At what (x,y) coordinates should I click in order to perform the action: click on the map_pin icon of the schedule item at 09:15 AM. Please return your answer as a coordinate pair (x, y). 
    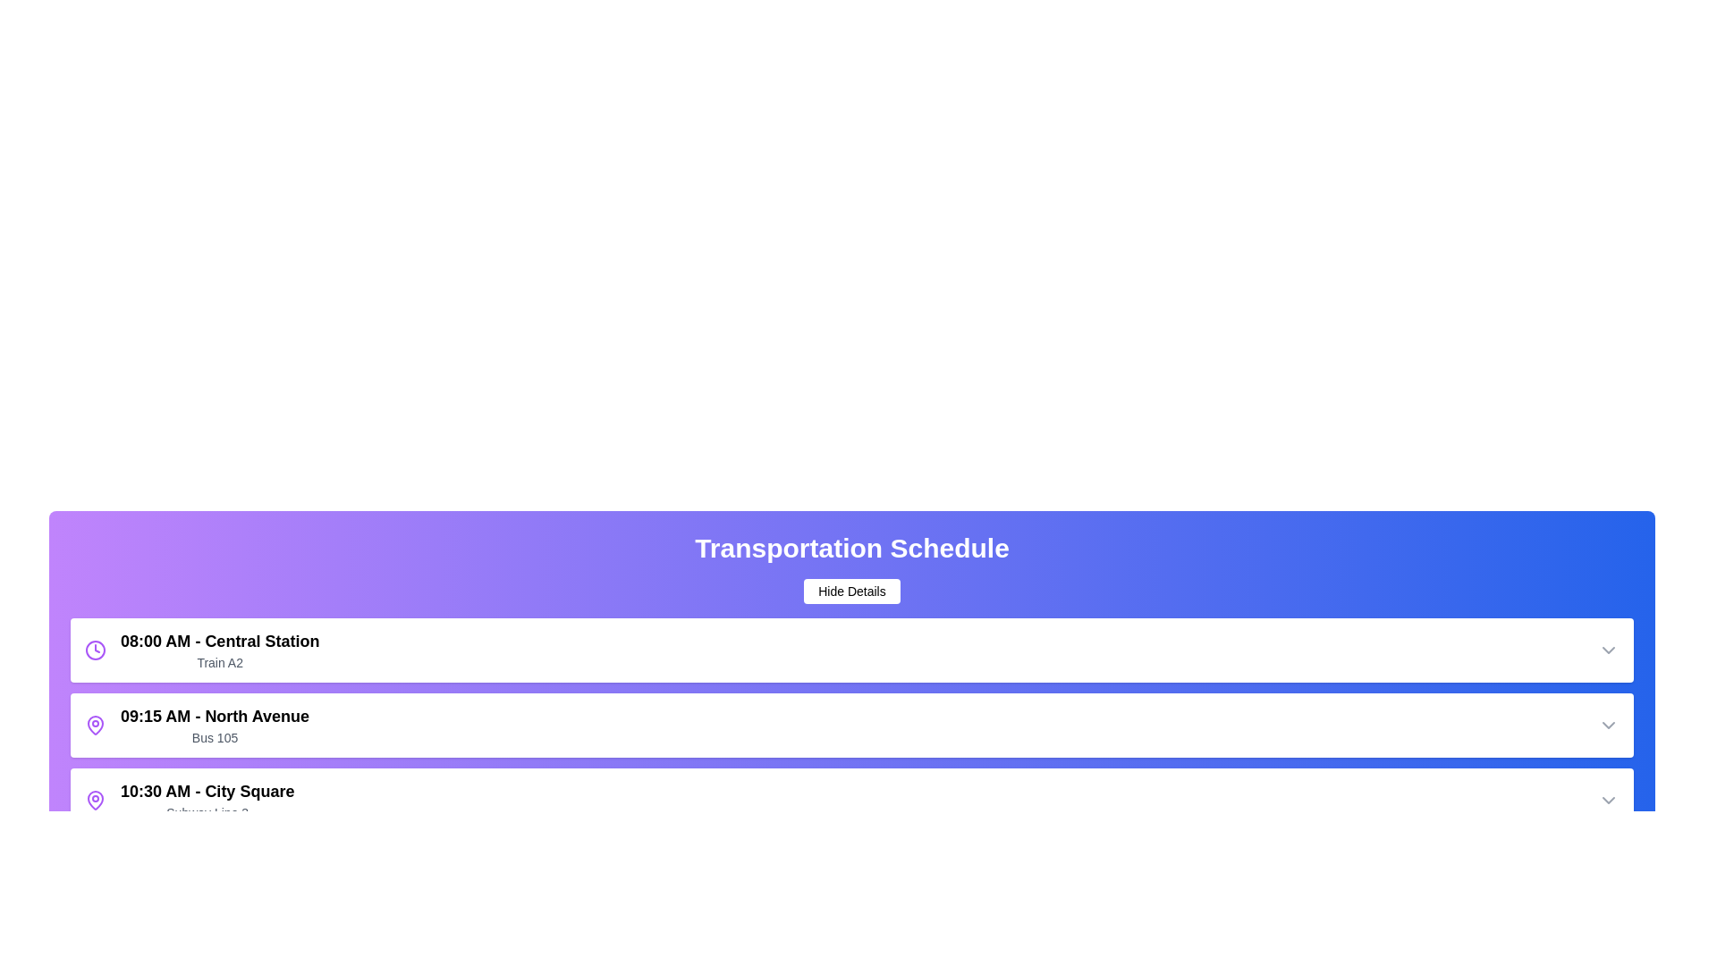
    Looking at the image, I should click on (94, 726).